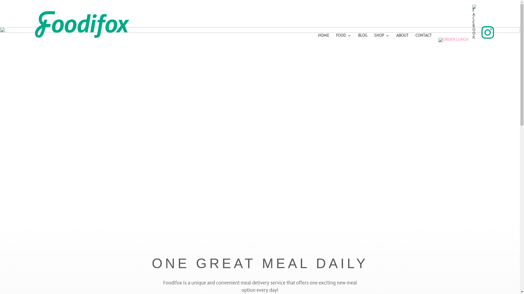  Describe the element at coordinates (402, 38) in the screenshot. I see `'ABOUT'` at that location.